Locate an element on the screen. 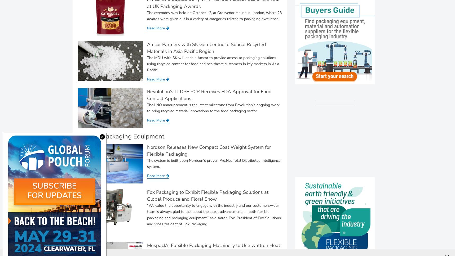  'Fox Packaging to Exhibit Flexible Packaging Solutions at Global Produce and Floral Show' is located at coordinates (207, 195).